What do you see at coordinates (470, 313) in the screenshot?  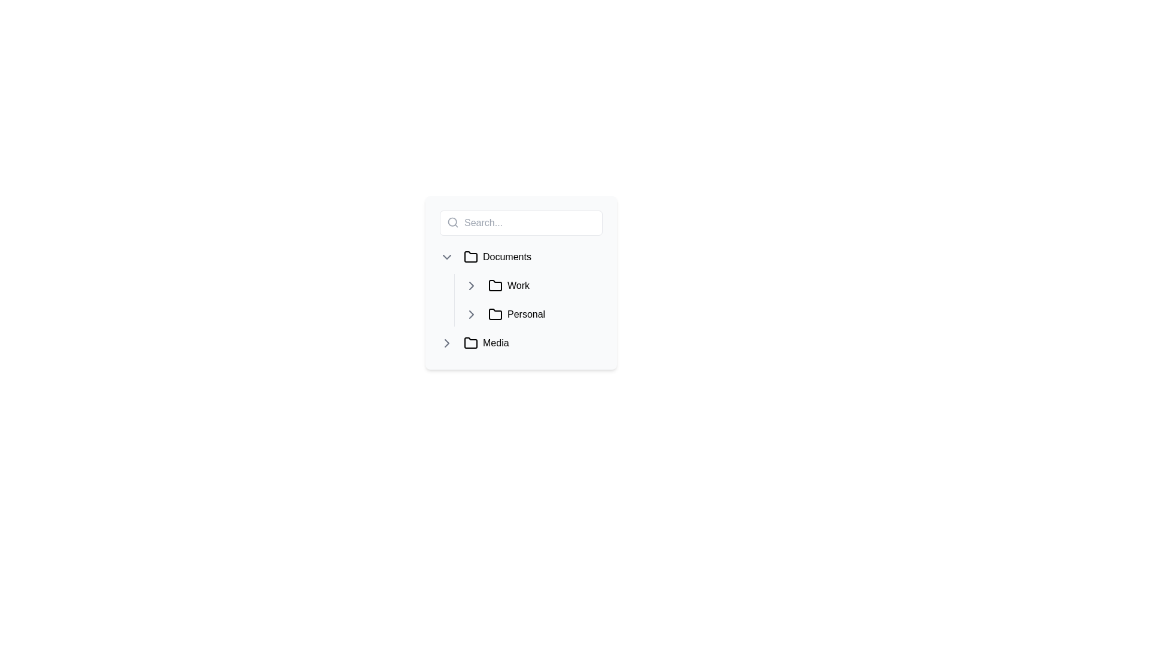 I see `the toggle Icon Button located in the left sidebar menu under the 'Documents' category` at bounding box center [470, 313].